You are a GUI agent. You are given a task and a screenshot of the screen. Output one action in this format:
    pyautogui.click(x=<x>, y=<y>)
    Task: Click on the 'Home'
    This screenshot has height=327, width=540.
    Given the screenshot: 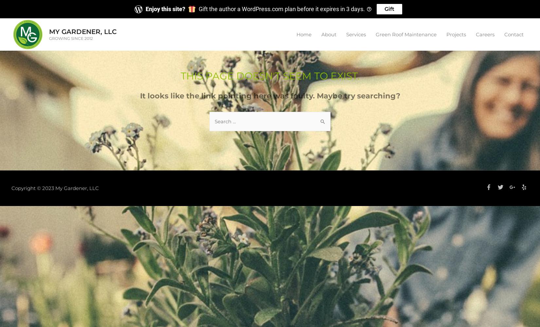 What is the action you would take?
    pyautogui.click(x=304, y=34)
    